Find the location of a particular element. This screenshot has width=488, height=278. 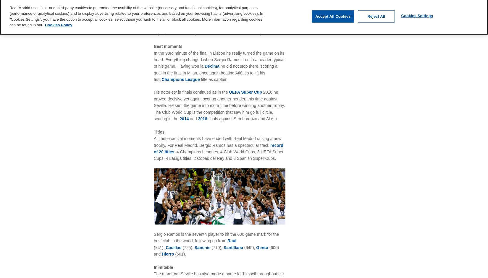

'Raúl' is located at coordinates (232, 240).